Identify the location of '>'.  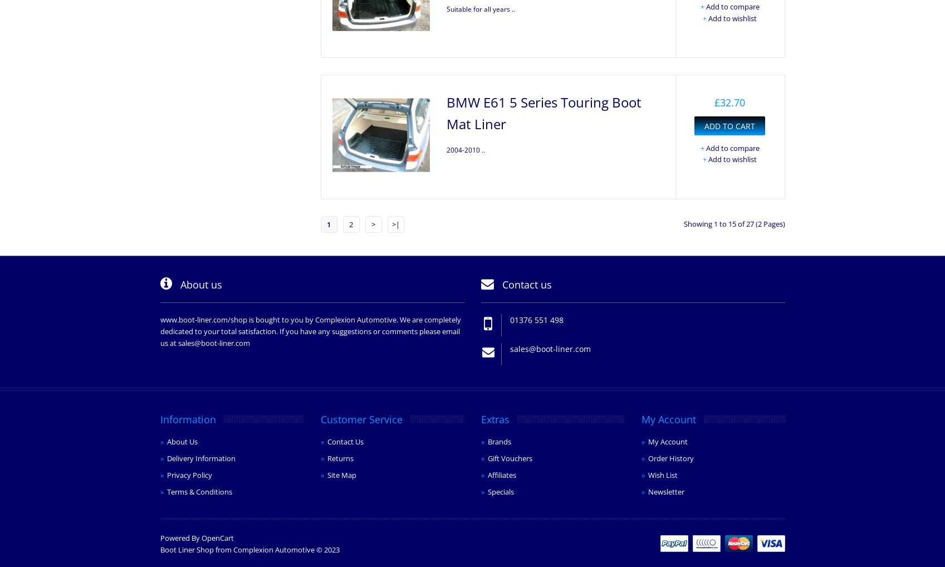
(371, 224).